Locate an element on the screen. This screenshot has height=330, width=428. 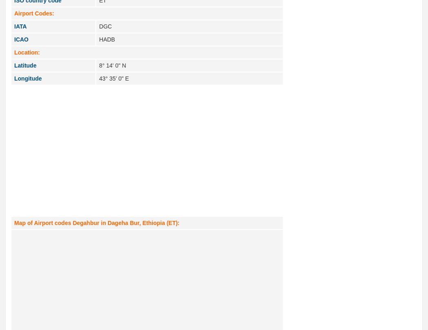
'Longitude' is located at coordinates (14, 79).